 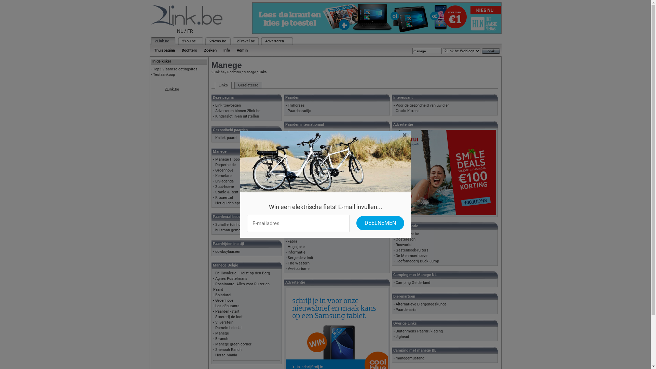 I want to click on 'Pferde-nordhessen', so click(x=303, y=160).